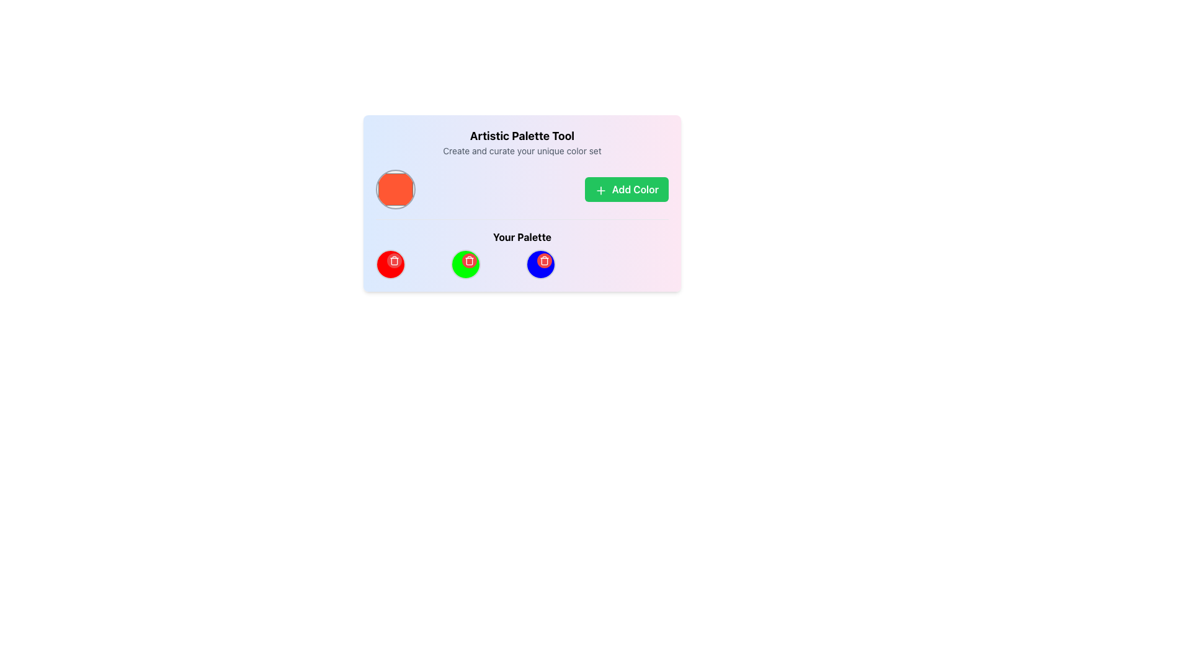  I want to click on the '+' icon within the green 'Add Color' button, so click(600, 190).